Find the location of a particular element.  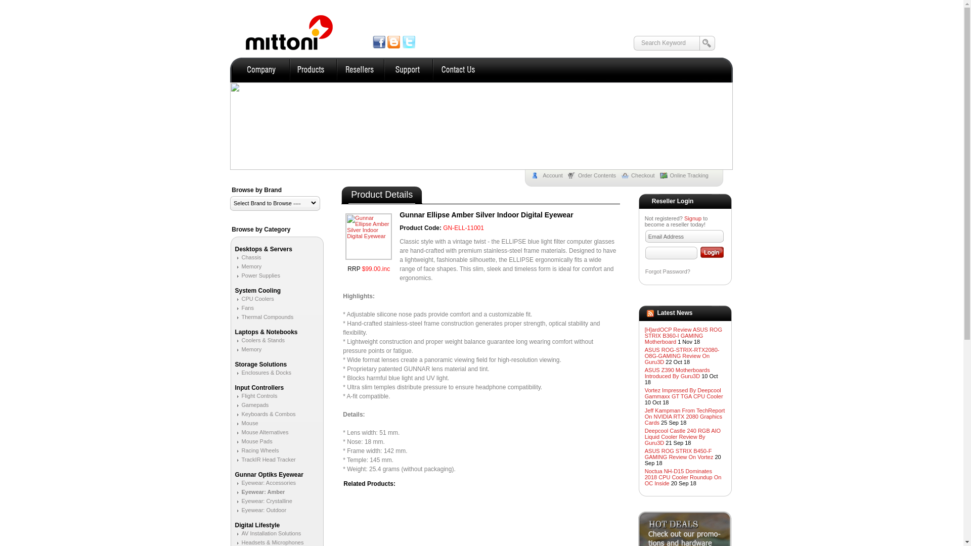

'Noctua NH-D15 Dominates 2018 CPU Cooler Roundup On OC Inside' is located at coordinates (683, 477).